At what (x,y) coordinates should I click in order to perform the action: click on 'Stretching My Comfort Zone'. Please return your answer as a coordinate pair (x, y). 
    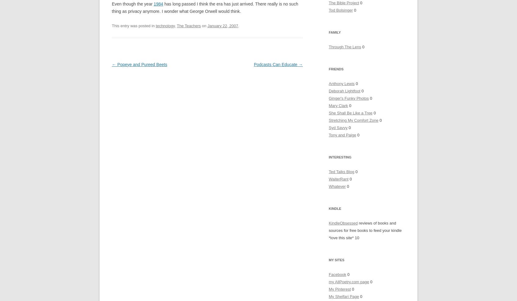
    Looking at the image, I should click on (353, 120).